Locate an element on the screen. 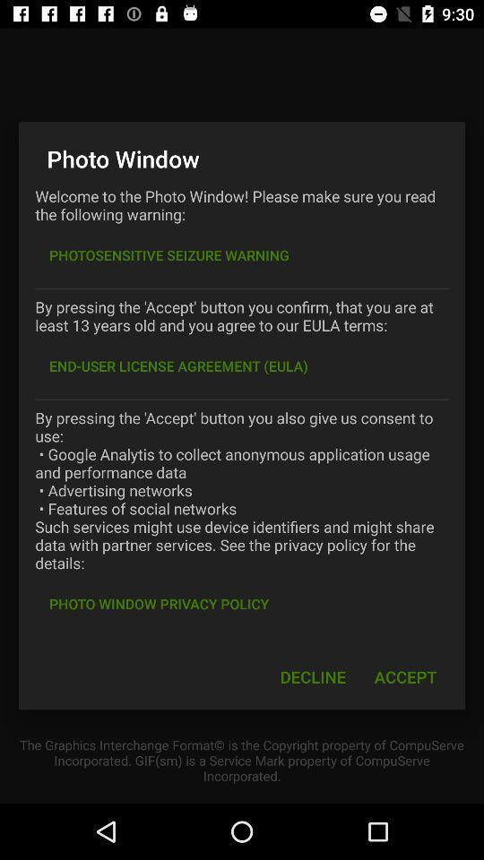 This screenshot has height=860, width=484. item to the left of the accept icon is located at coordinates (312, 675).